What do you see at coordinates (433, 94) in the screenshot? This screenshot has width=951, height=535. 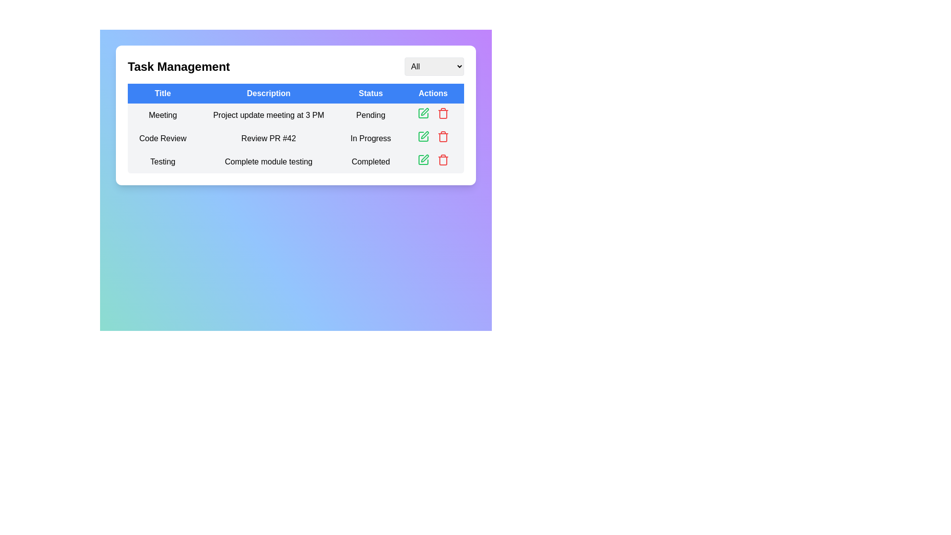 I see `the 'Actions' column header of the table, which is located at the top-right of the grid structure and serves as the fourth column header` at bounding box center [433, 94].